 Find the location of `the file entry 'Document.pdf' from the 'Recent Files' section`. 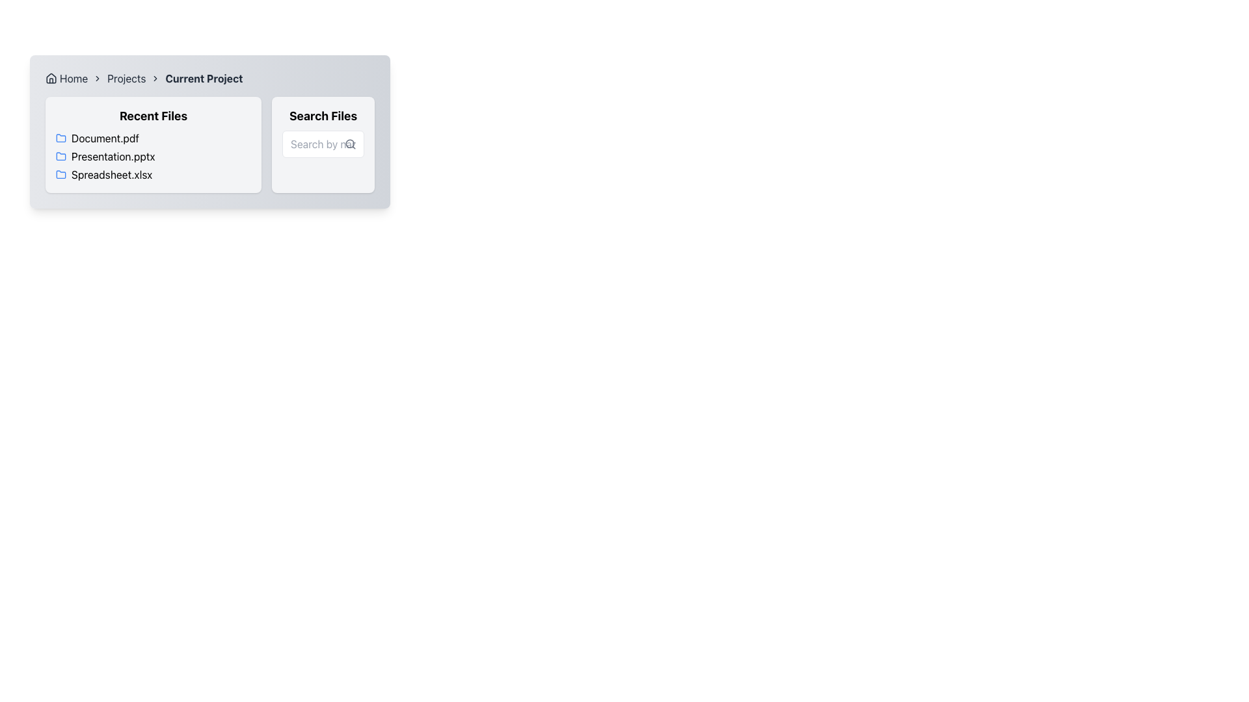

the file entry 'Document.pdf' from the 'Recent Files' section is located at coordinates (209, 145).